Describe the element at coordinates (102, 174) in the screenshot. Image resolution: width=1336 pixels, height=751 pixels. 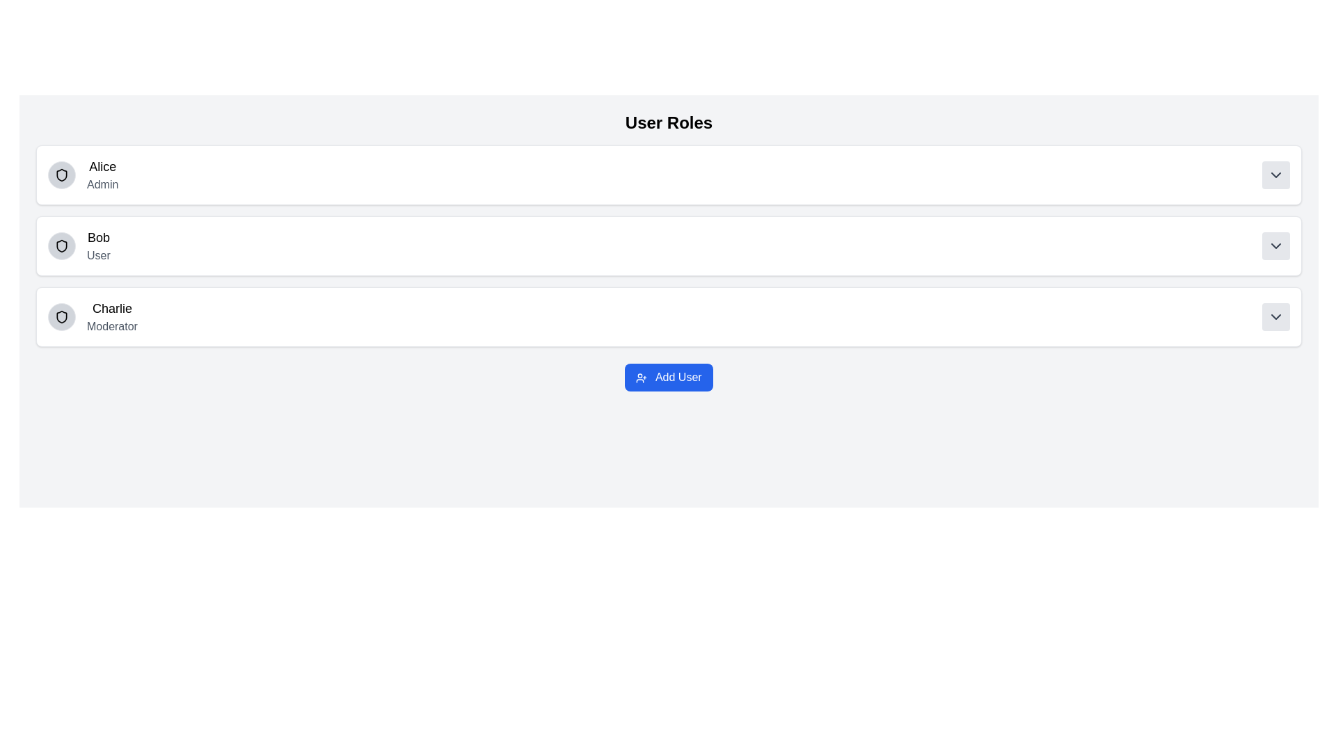
I see `static text label displaying the name 'Alice' and the role 'Admin' in the topmost user entry row of the user roles list` at that location.